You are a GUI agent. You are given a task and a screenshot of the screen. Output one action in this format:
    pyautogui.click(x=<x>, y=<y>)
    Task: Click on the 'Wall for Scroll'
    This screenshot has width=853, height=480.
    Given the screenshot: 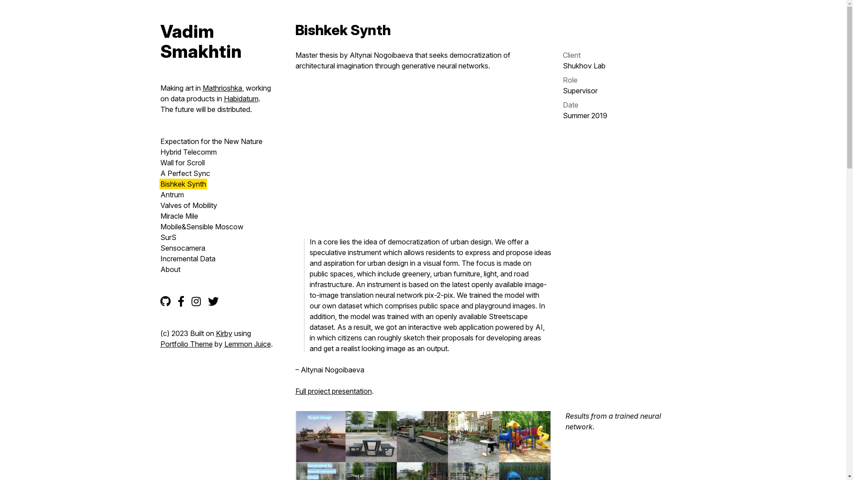 What is the action you would take?
    pyautogui.click(x=181, y=163)
    